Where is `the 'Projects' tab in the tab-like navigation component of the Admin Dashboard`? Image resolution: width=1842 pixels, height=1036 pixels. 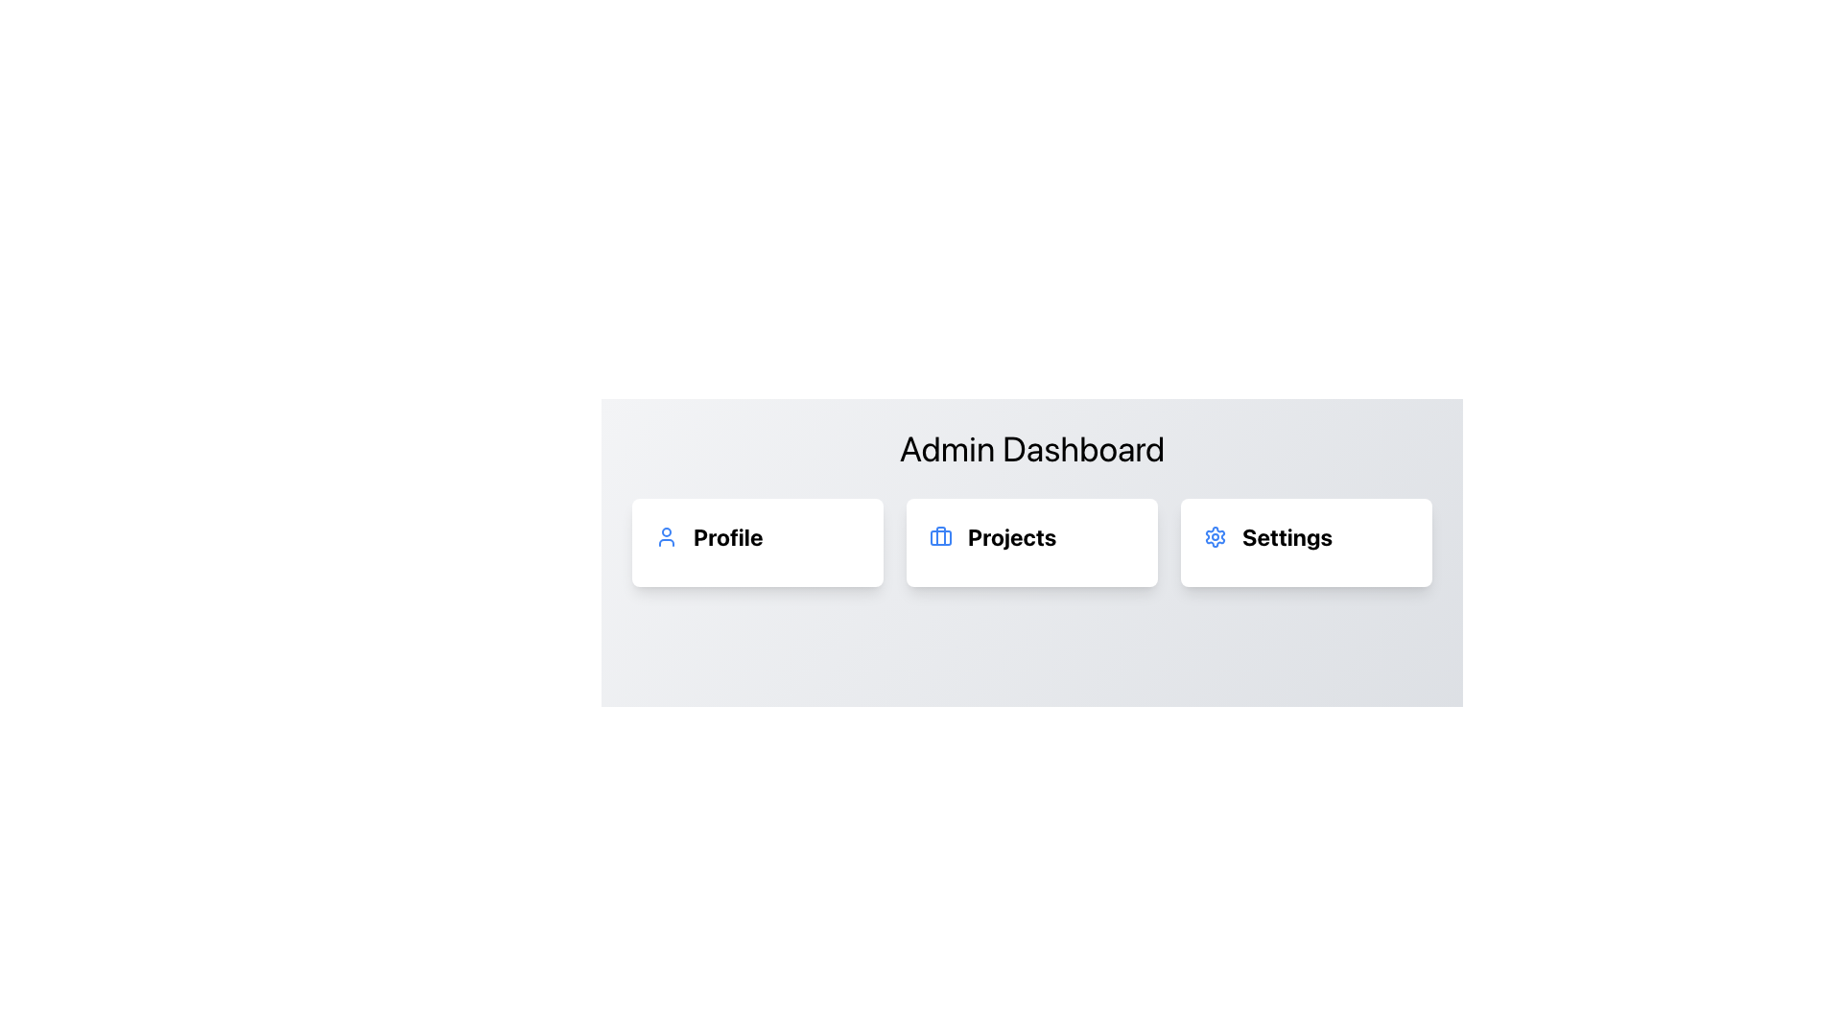
the 'Projects' tab in the tab-like navigation component of the Admin Dashboard is located at coordinates (1030, 543).